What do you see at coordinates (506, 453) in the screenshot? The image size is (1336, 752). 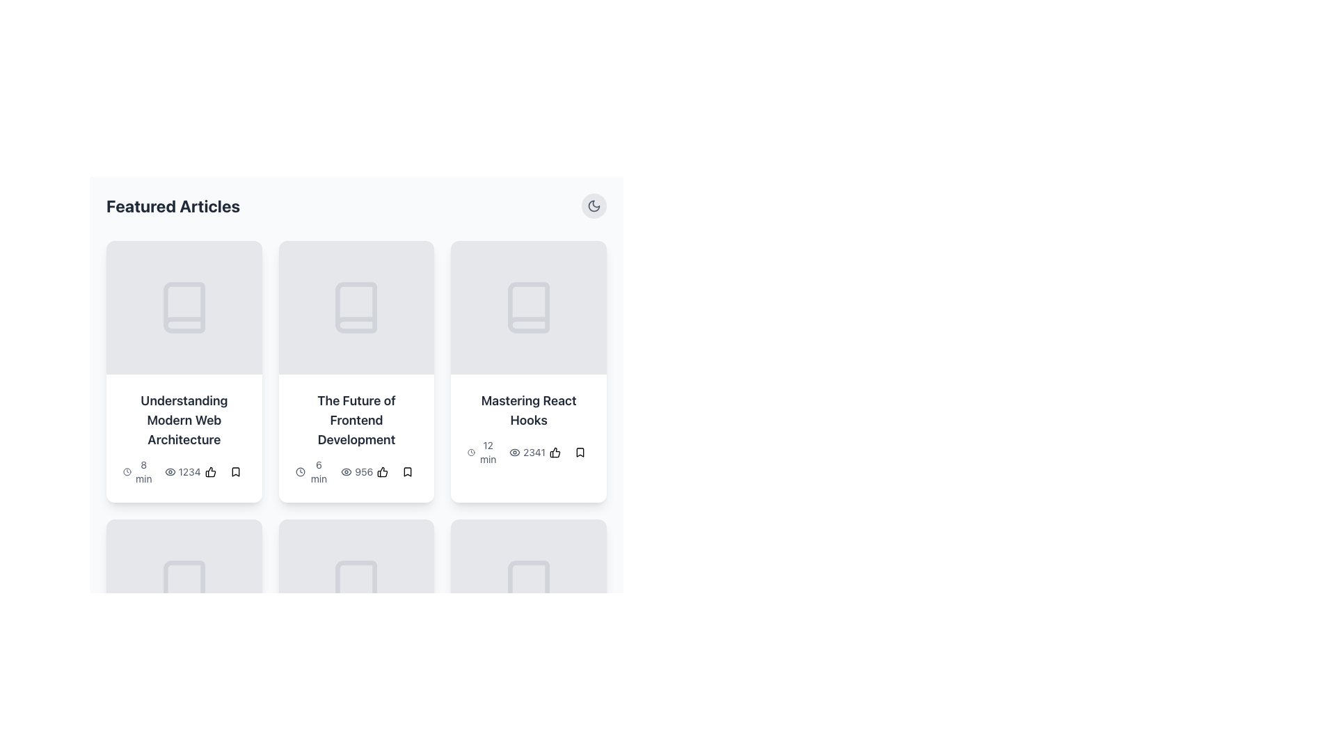 I see `the Data label displaying estimated reading time and views located in the third article card of the featured articles section, below the title 'Mastering React Hooks'` at bounding box center [506, 453].